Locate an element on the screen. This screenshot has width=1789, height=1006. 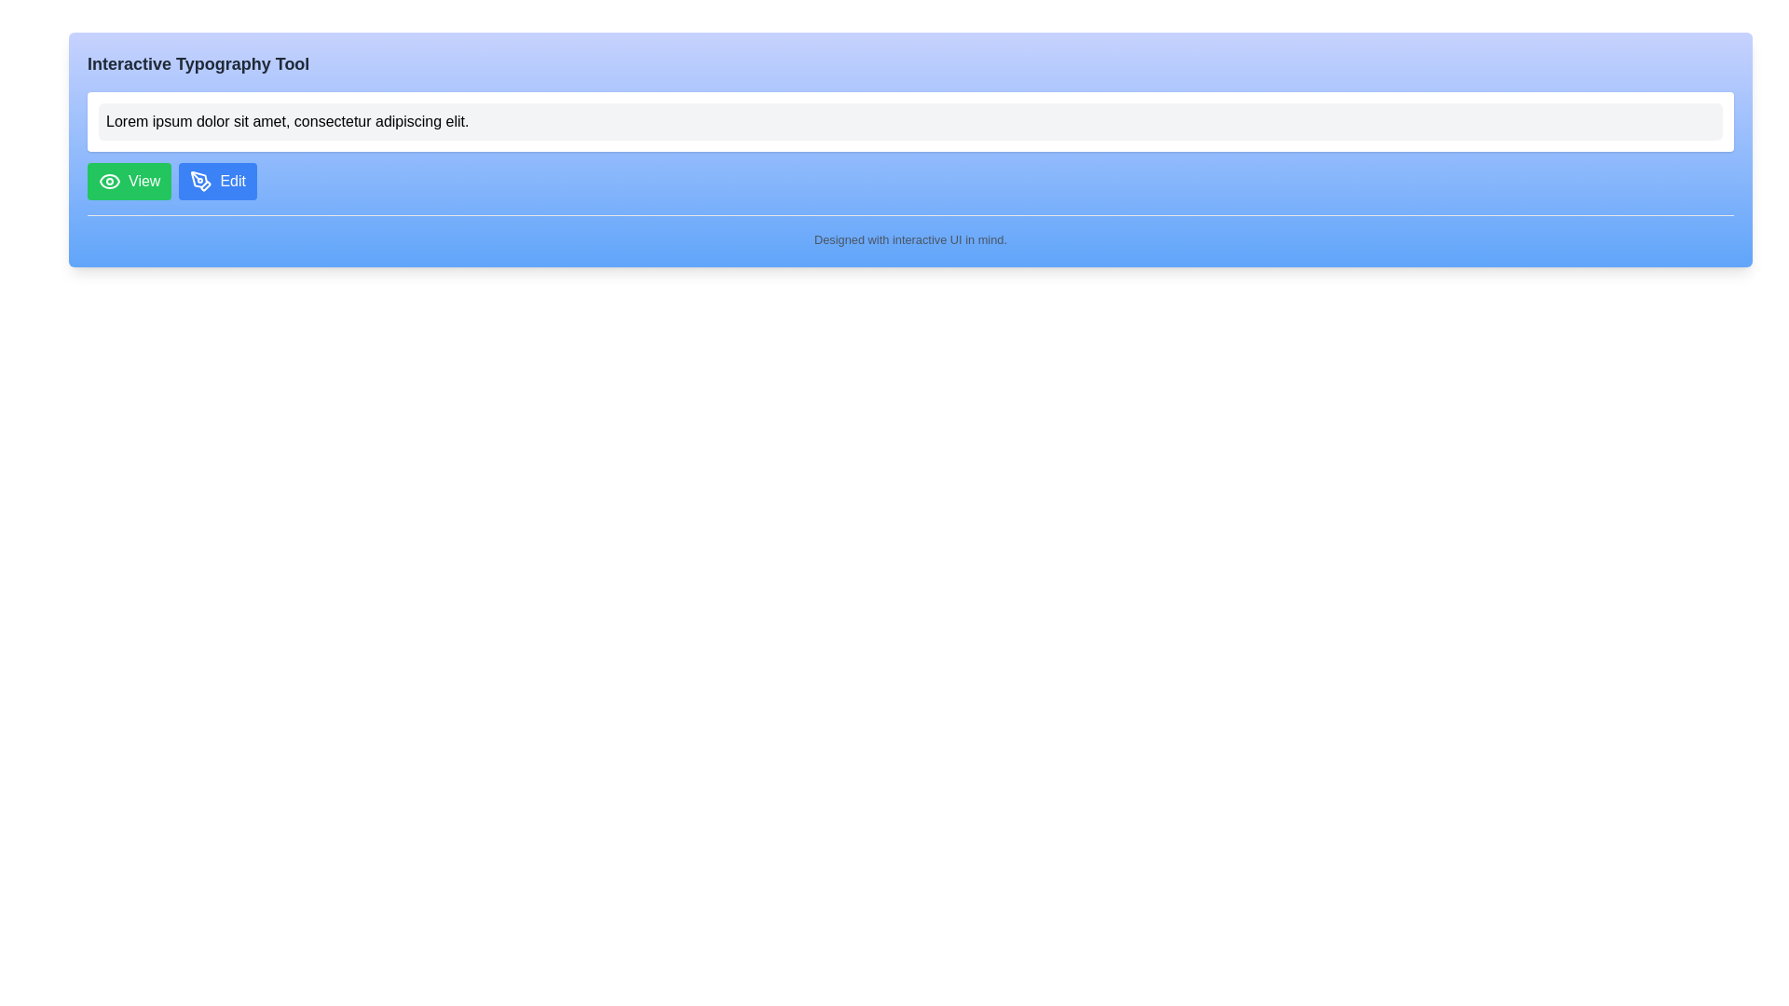
the Text Label displaying 'Interactive Typography Tool' in bold with a larger font size, located in the blue header area at the top-left of the panel is located at coordinates (198, 63).